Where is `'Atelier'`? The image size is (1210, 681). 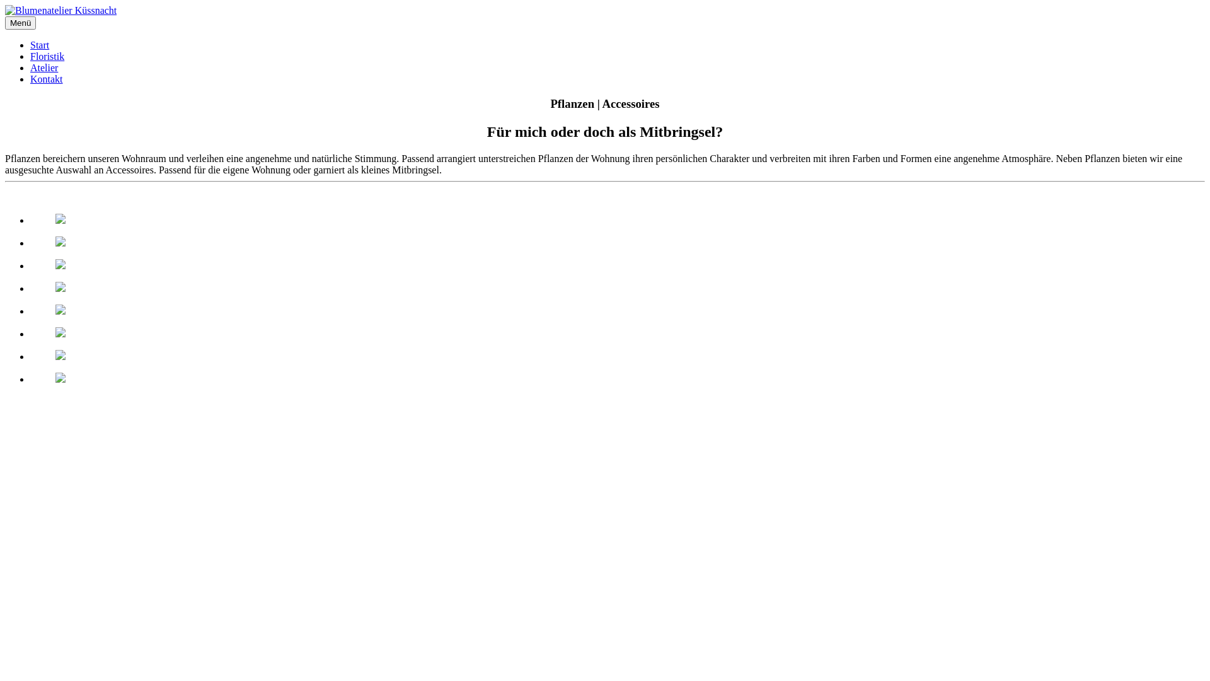 'Atelier' is located at coordinates (44, 67).